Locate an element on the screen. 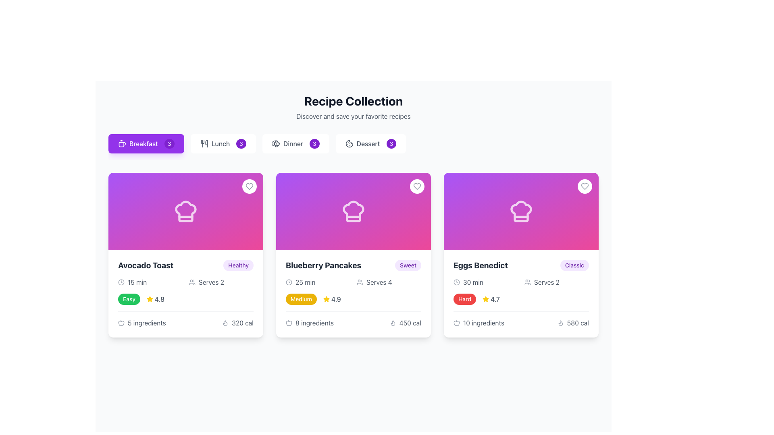 This screenshot has width=774, height=435. the text label 'Breakfast' which is styled with a white font on a purple background, located within the first button of a horizontal group of meal category buttons is located at coordinates (144, 143).